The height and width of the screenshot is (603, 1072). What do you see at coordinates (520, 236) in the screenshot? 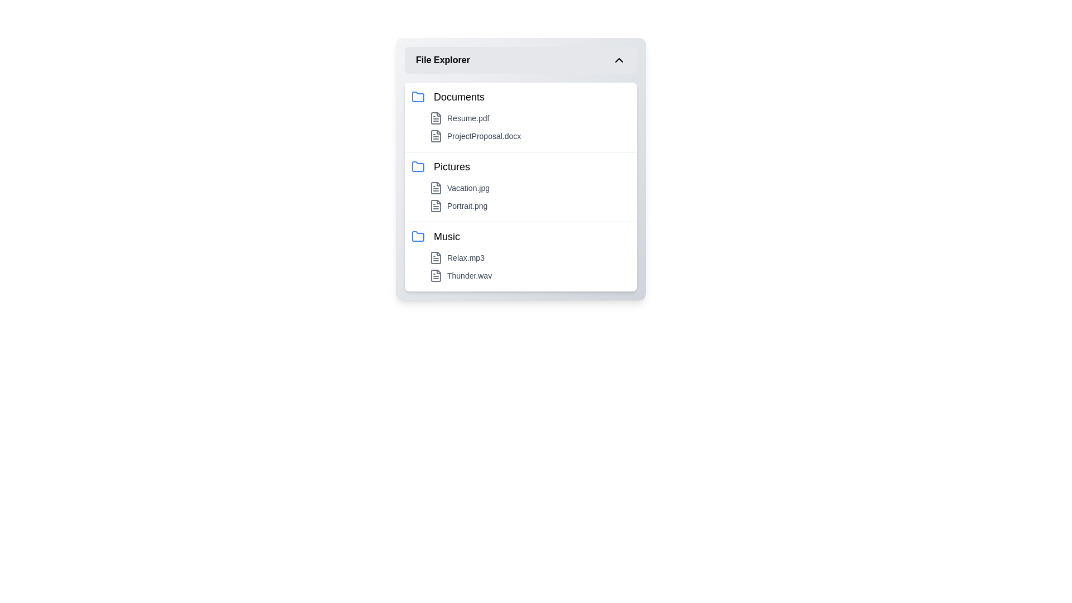
I see `the folder named Music to select it` at bounding box center [520, 236].